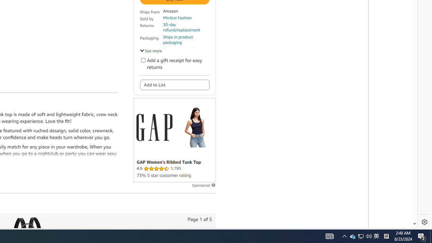  Describe the element at coordinates (186, 27) in the screenshot. I see `'30-day refund/replacement'` at that location.